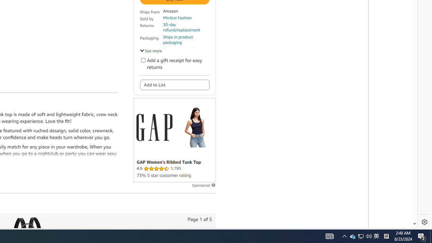  Describe the element at coordinates (186, 27) in the screenshot. I see `'30-day refund/replacement'` at that location.